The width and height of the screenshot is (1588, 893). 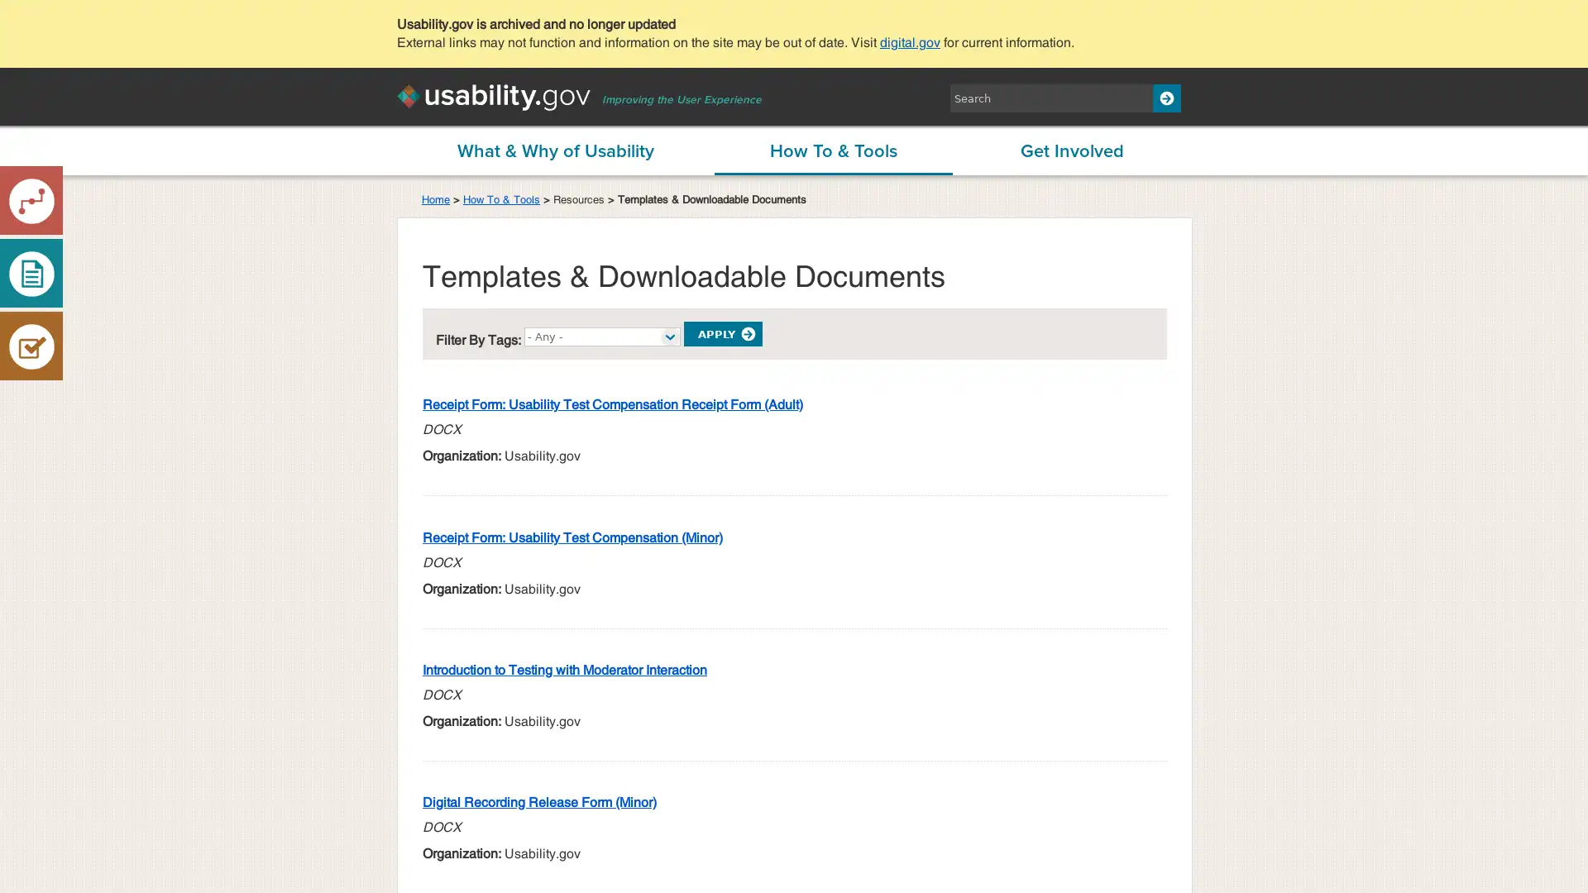 I want to click on Apply, so click(x=722, y=334).